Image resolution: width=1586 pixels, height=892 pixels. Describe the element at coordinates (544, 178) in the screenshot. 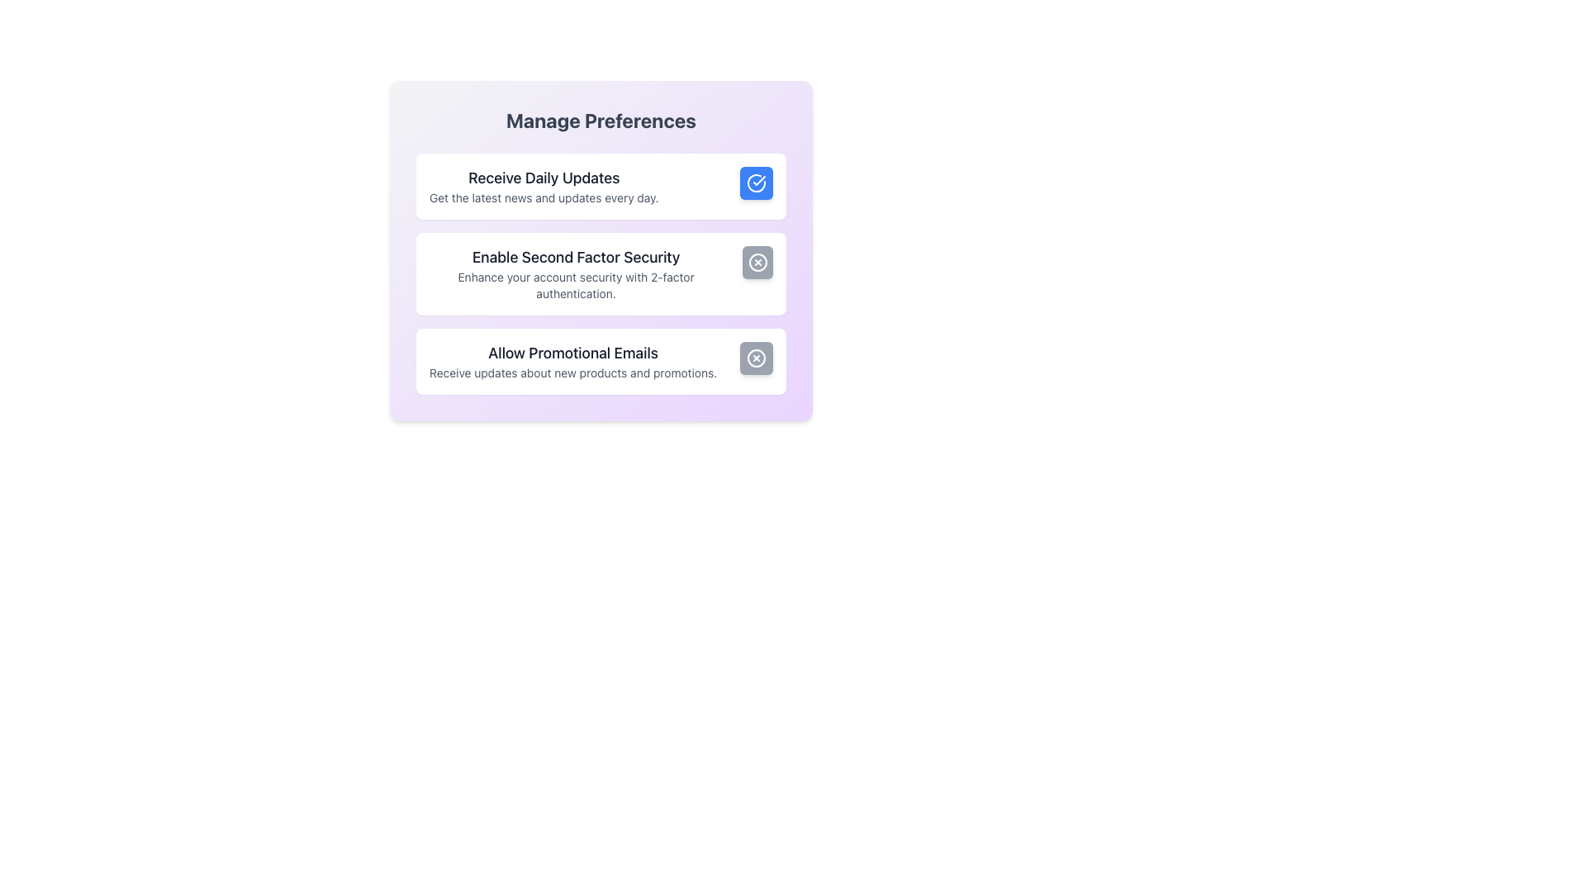

I see `the main text label for the first preference option located under the 'Manage Preferences' header` at that location.